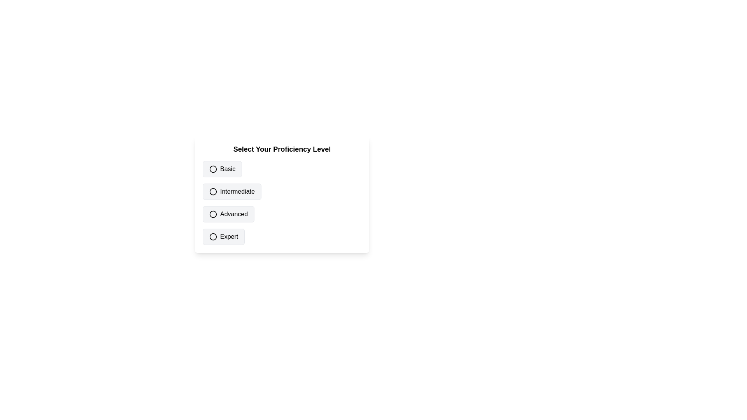  I want to click on the radio button representing the 'Intermediate' proficiency level, which is the second option in a vertical list of four proficiency levels, so click(281, 192).